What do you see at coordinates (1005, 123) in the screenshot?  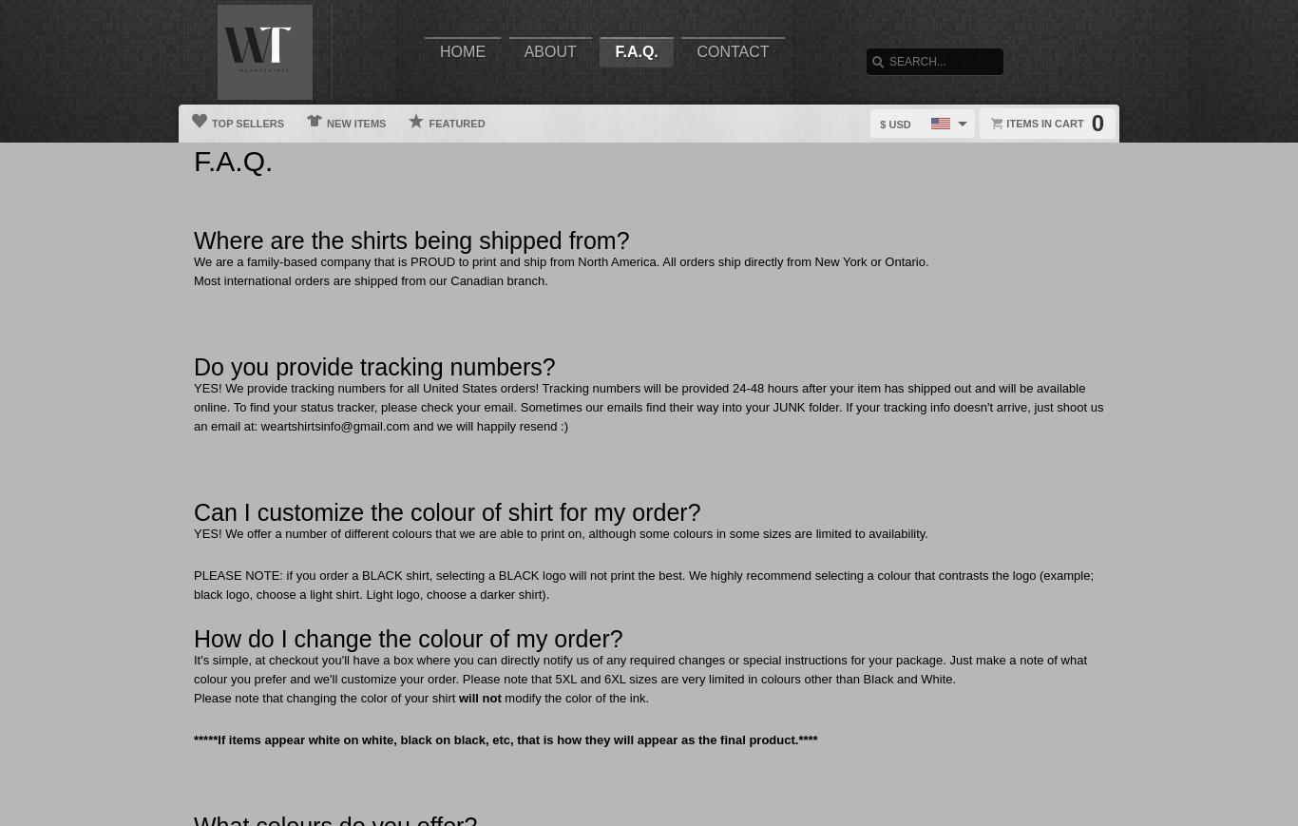 I see `'Items in cart'` at bounding box center [1005, 123].